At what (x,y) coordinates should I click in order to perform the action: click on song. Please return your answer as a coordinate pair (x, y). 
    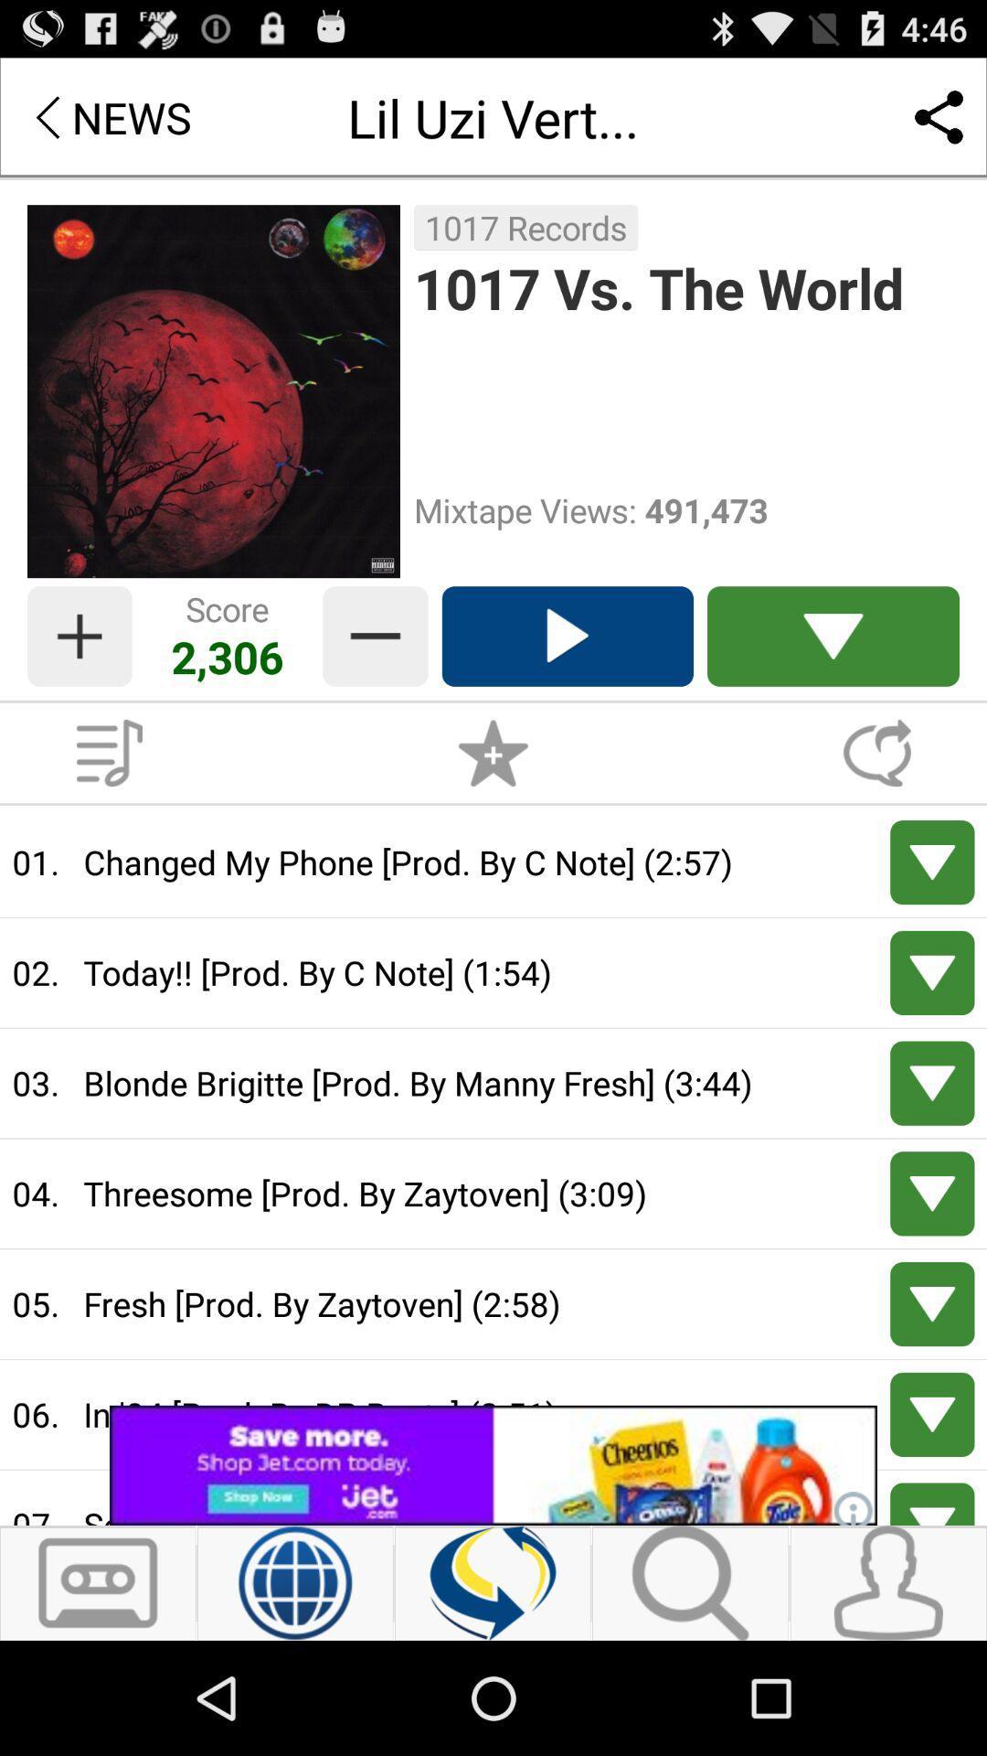
    Looking at the image, I should click on (567, 637).